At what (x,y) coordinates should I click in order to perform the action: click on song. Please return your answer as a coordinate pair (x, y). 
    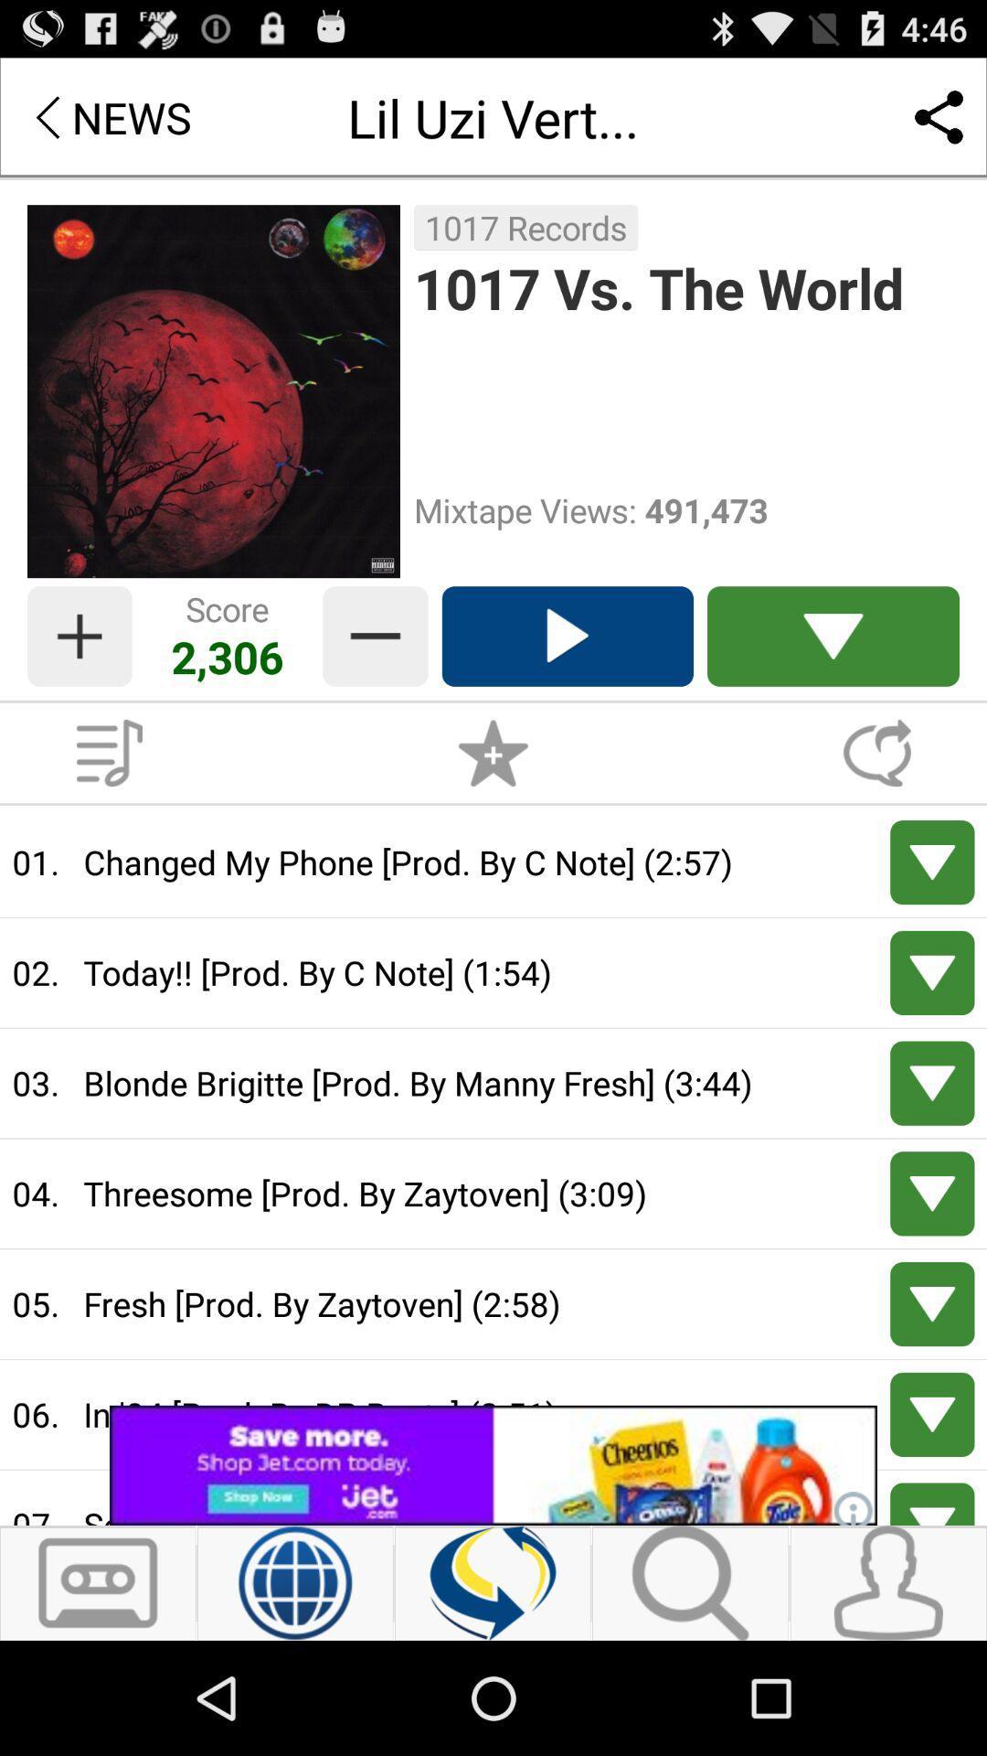
    Looking at the image, I should click on (567, 637).